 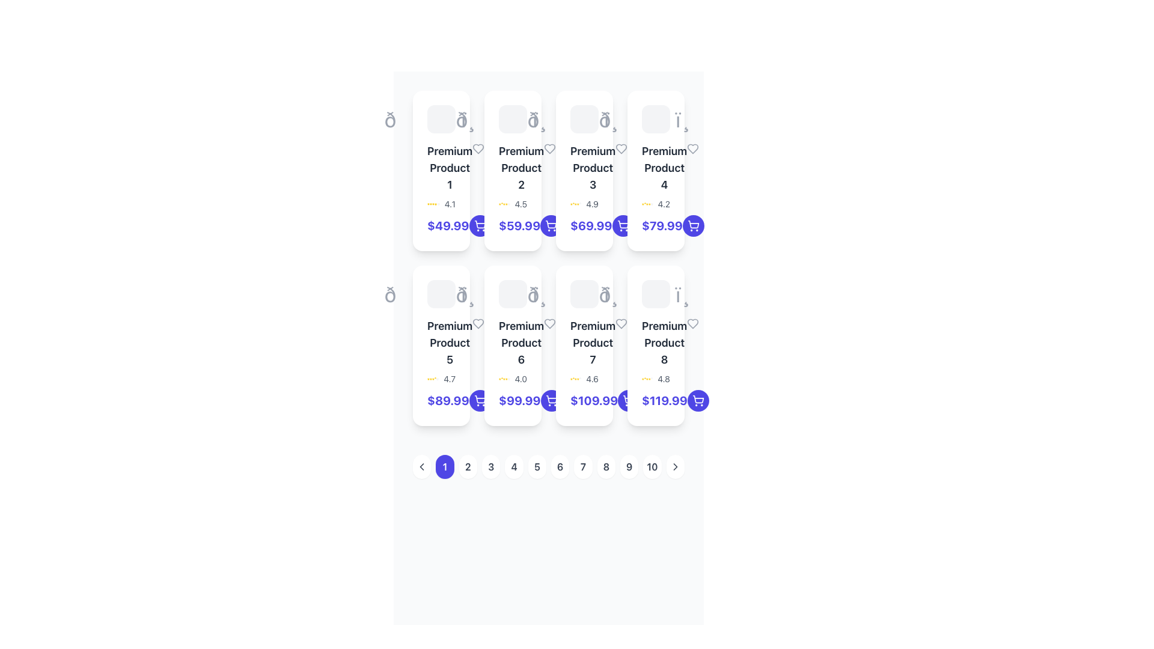 I want to click on the fourth star-shaped icon in a horizontal sequence of five, which is filled yellow and indicates a rating of 4.9, so click(x=575, y=203).